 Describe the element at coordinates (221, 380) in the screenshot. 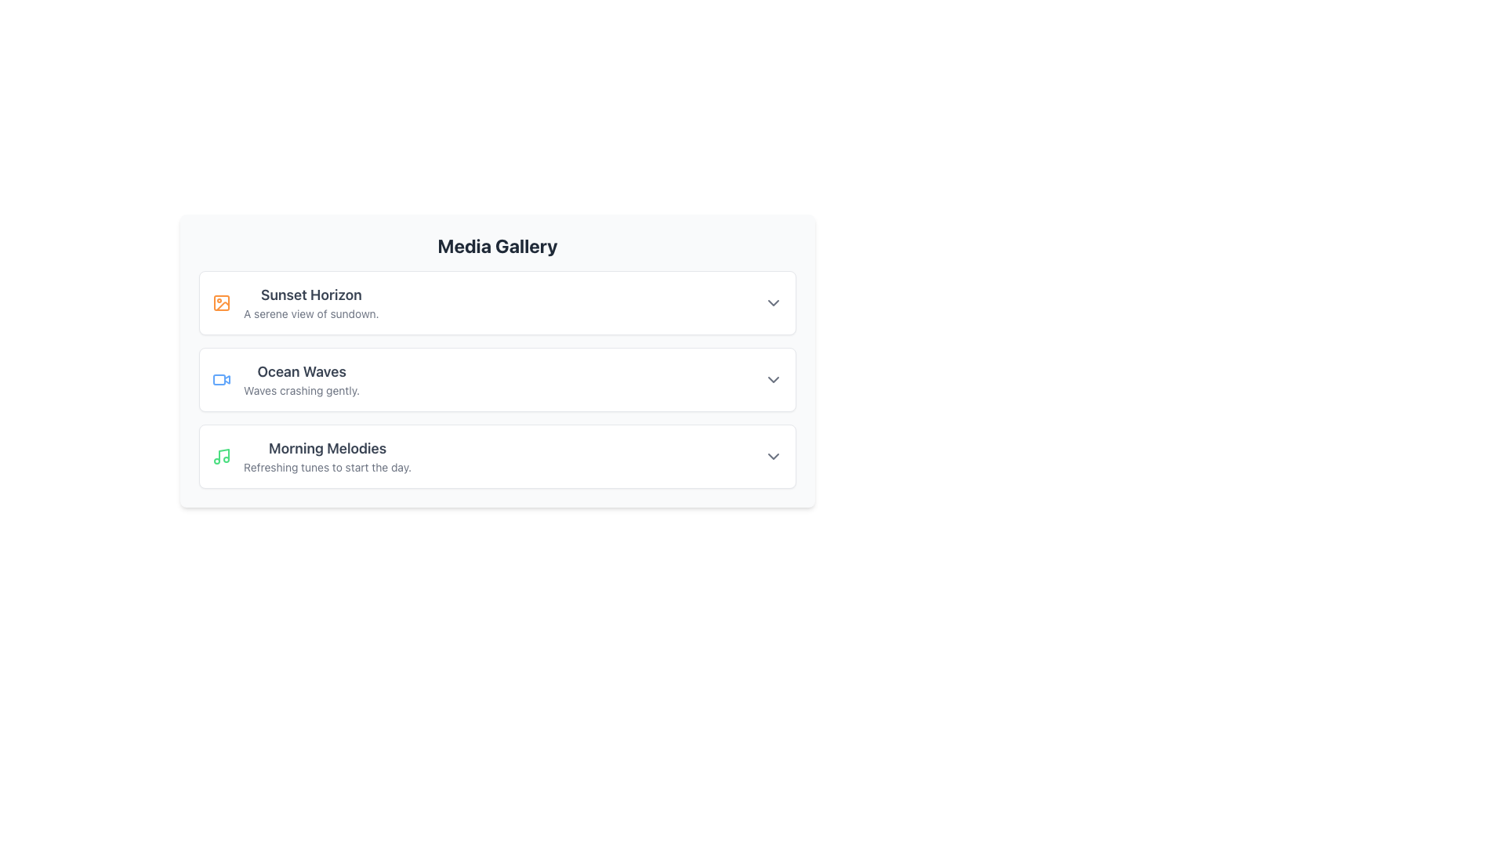

I see `the blue video camera icon that represents the 'Ocean Waves' media entry, located in the second row of the list, aligned to the left of the label` at that location.